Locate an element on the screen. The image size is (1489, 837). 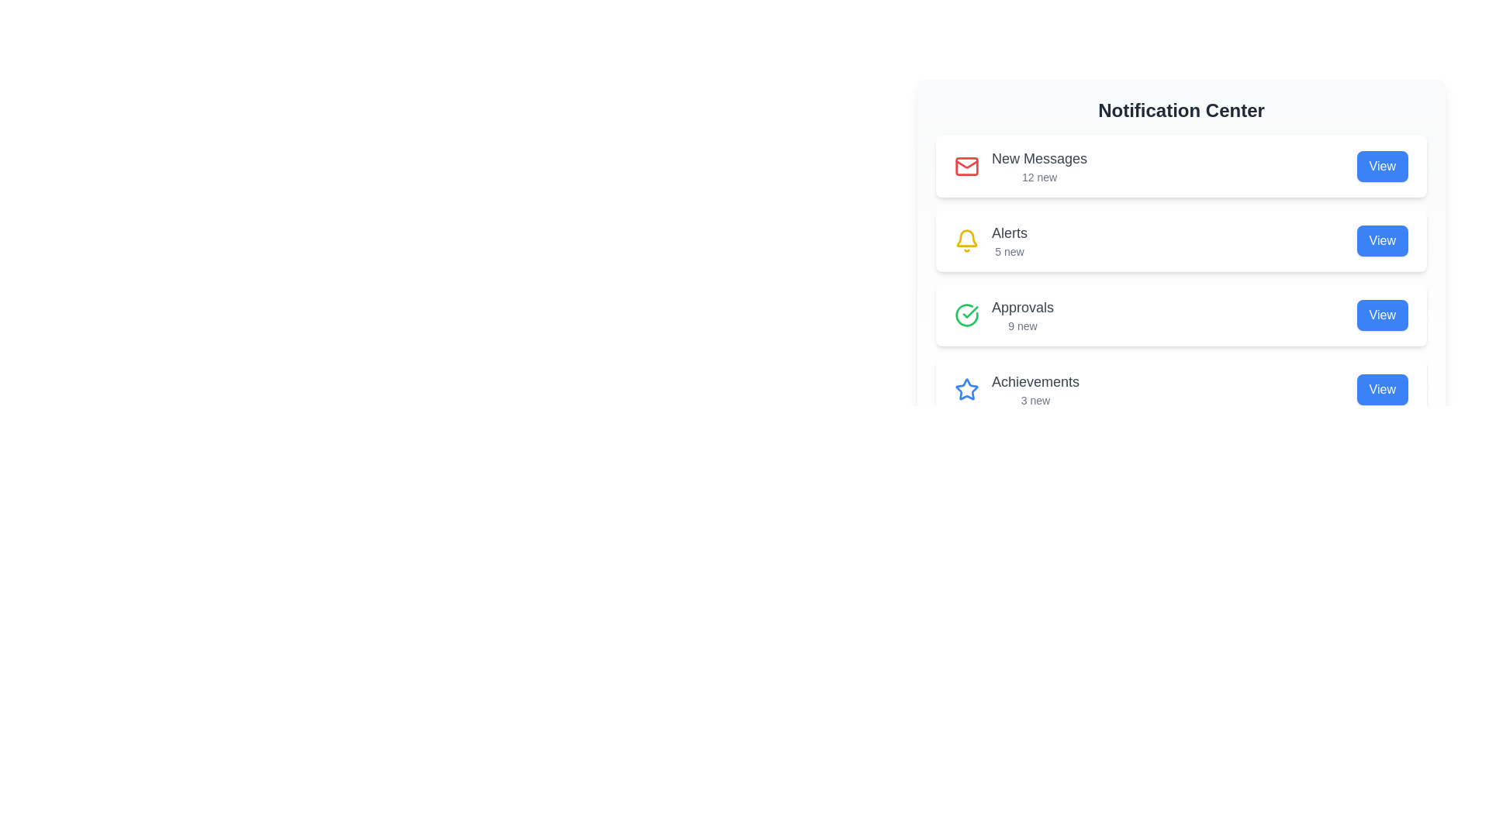
the Notification summary element featuring a star icon and the text 'Achievements' to interact with it is located at coordinates (1017, 388).